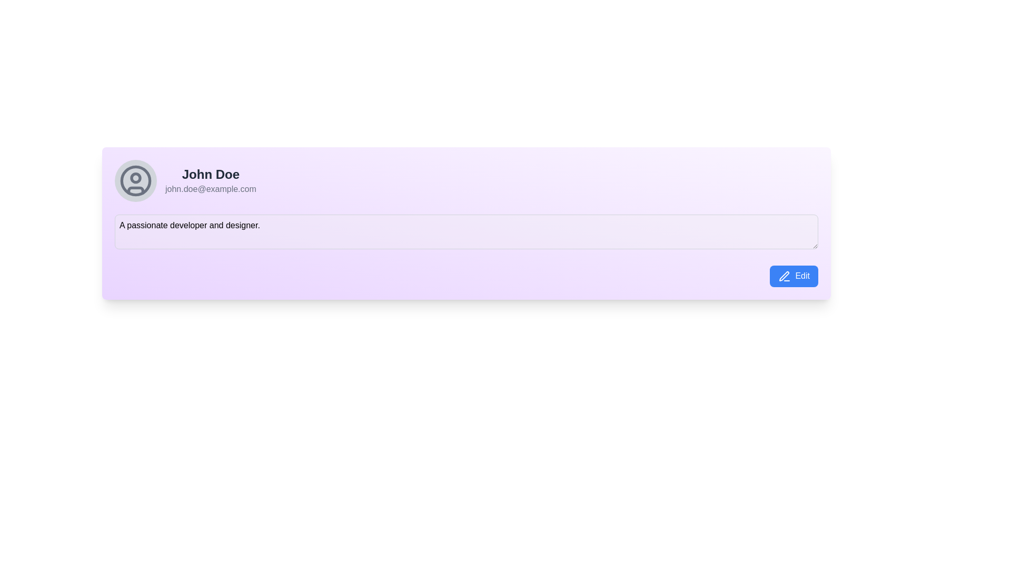 Image resolution: width=1011 pixels, height=568 pixels. What do you see at coordinates (794, 276) in the screenshot?
I see `the button located in the bottom right corner of the user profile details section to initiate the editing action for modifying user details` at bounding box center [794, 276].